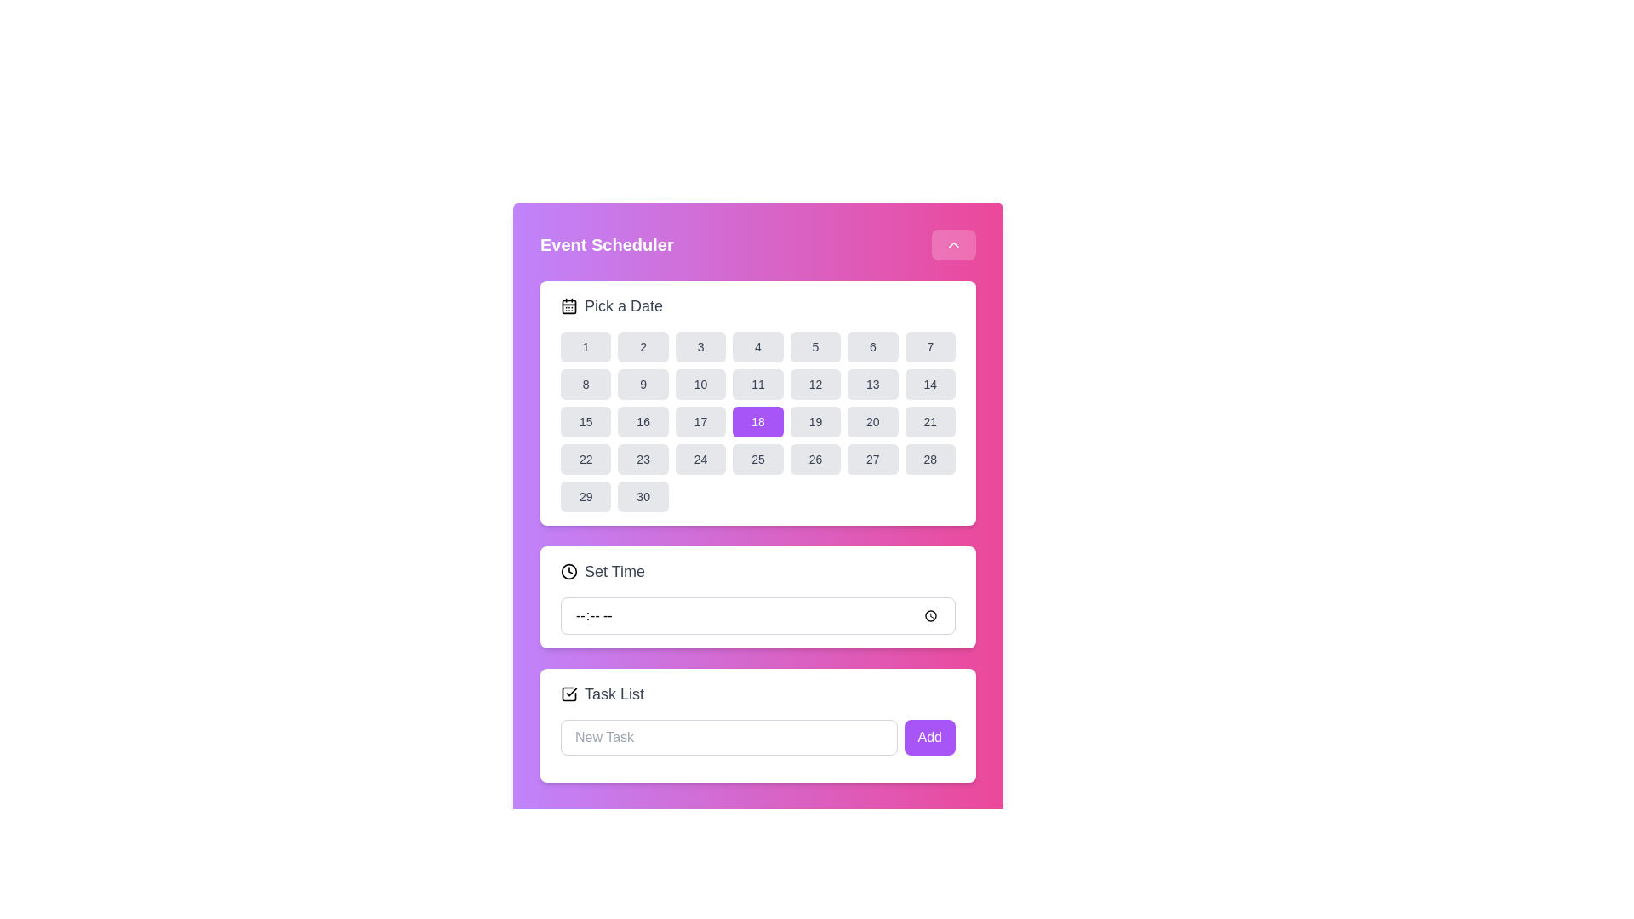 The height and width of the screenshot is (919, 1634). What do you see at coordinates (642, 346) in the screenshot?
I see `the rounded rectangular button displaying the number '2' in the top row of the grid-based calendar layout` at bounding box center [642, 346].